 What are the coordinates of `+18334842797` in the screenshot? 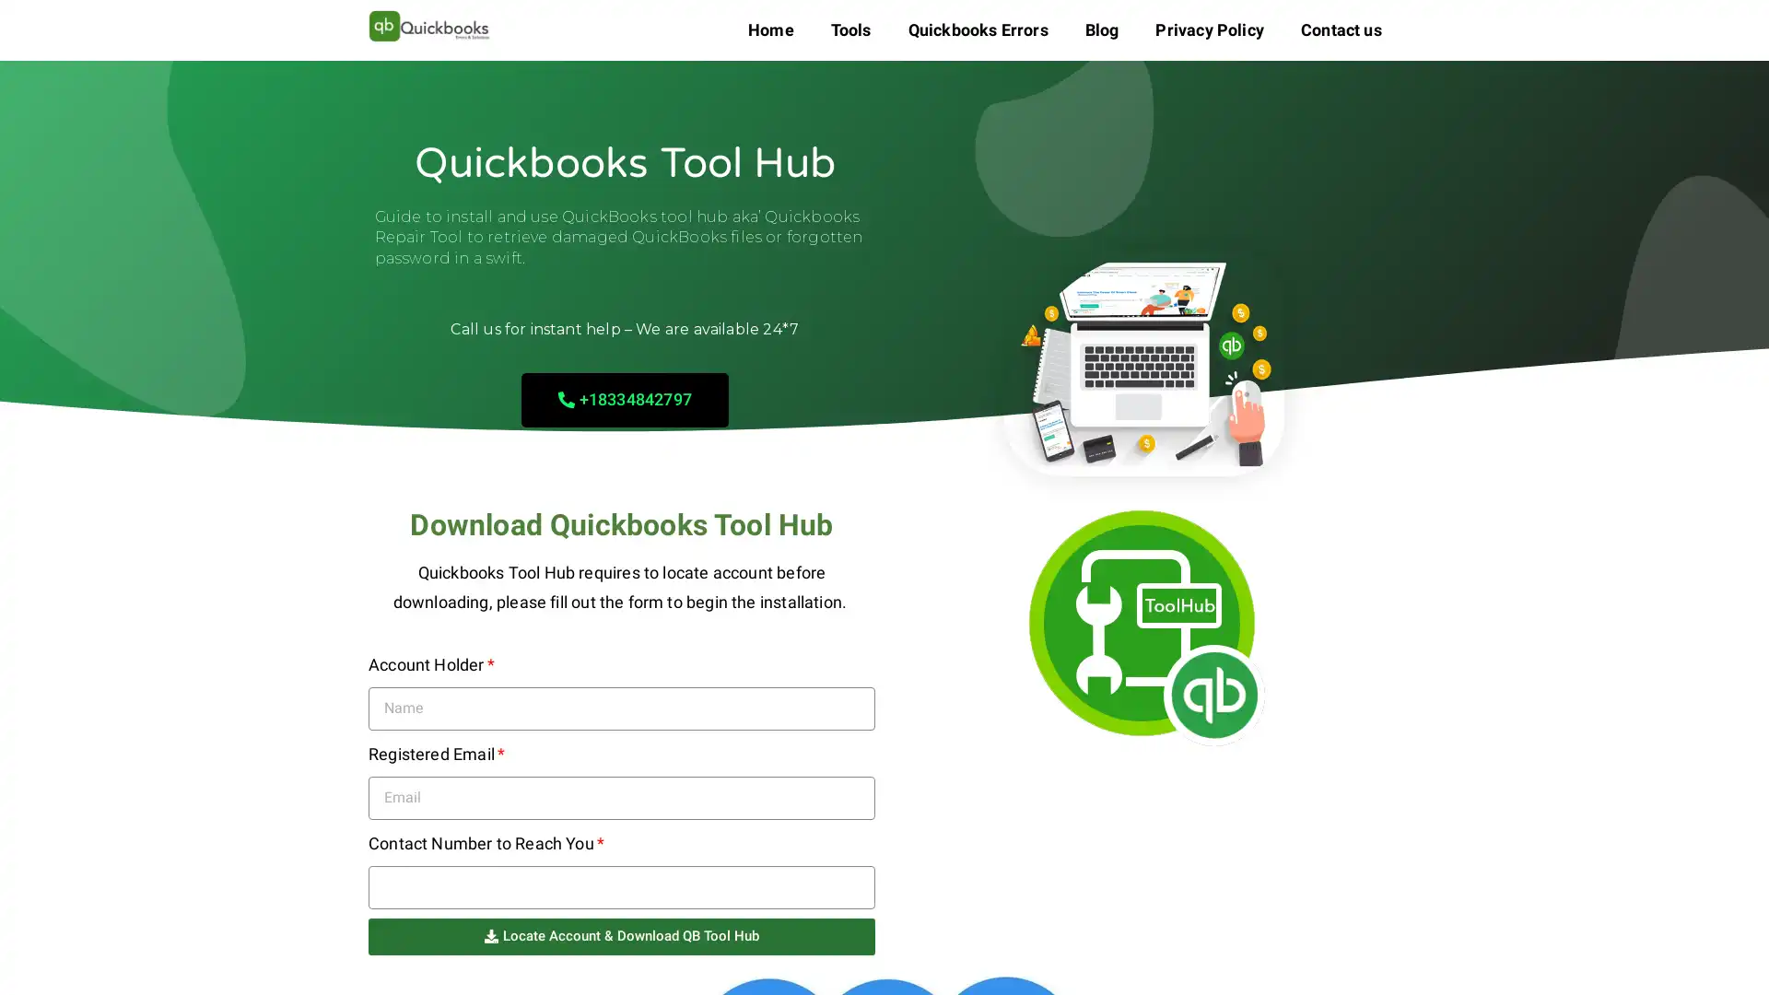 It's located at (624, 398).